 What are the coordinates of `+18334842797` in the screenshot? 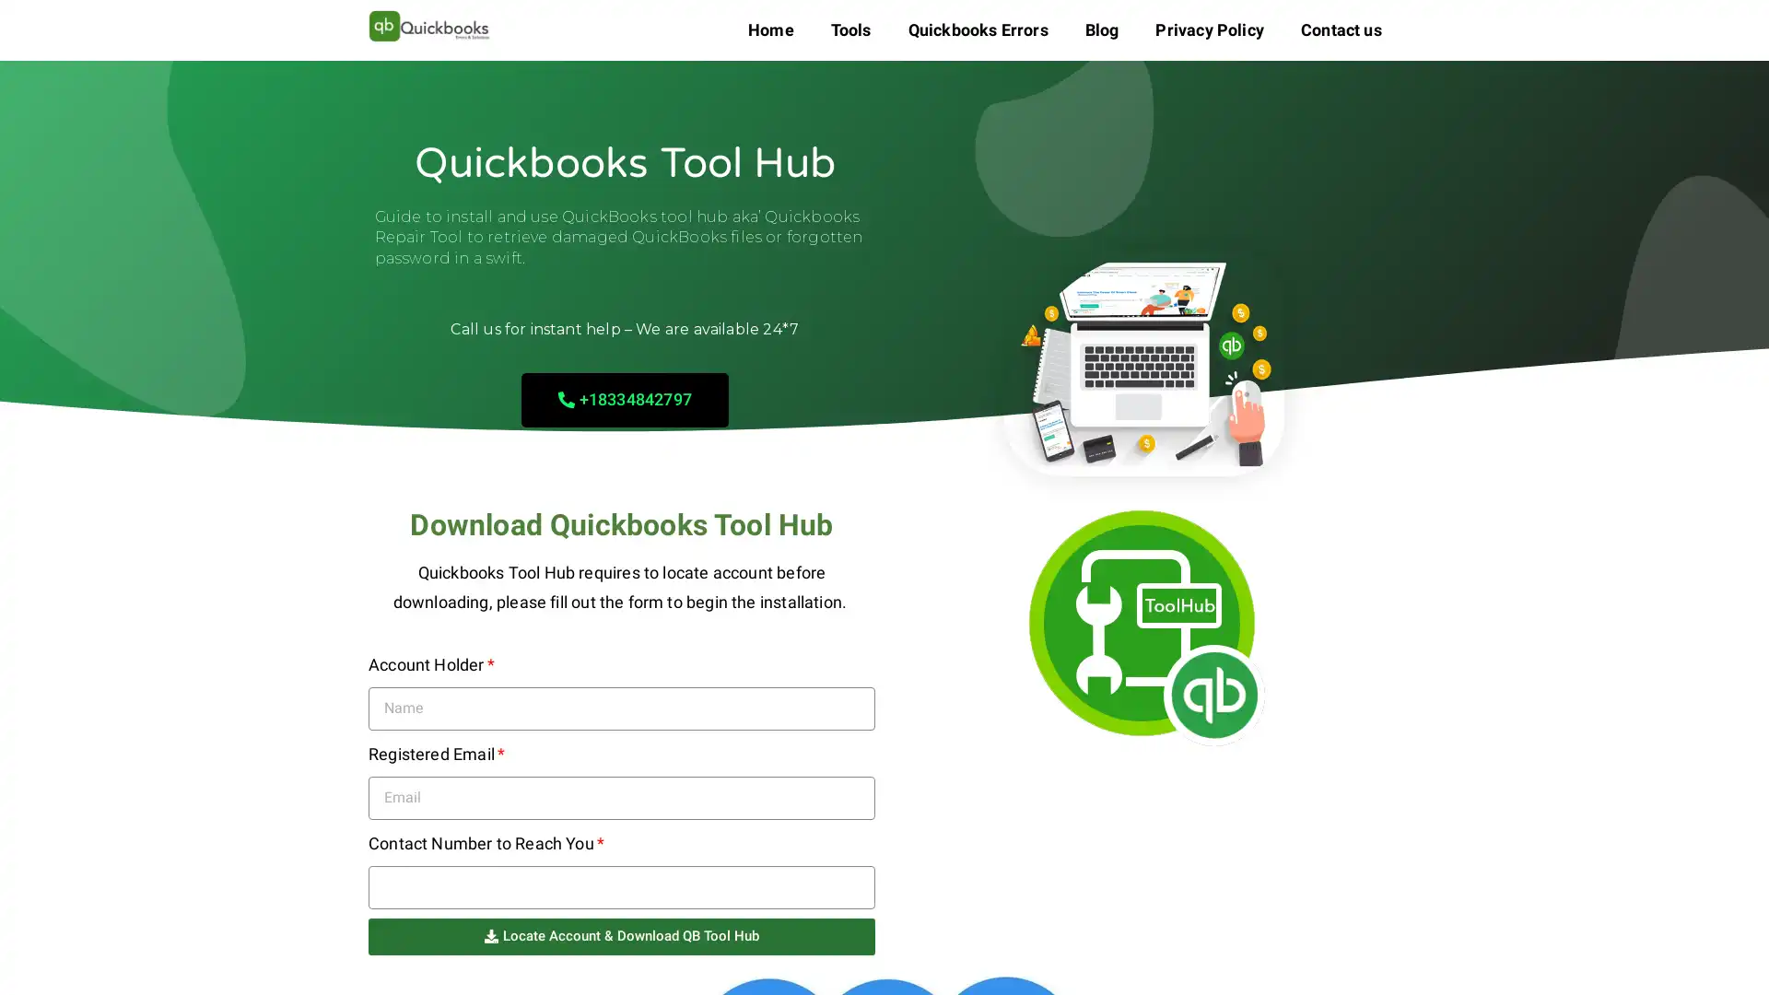 It's located at (624, 398).